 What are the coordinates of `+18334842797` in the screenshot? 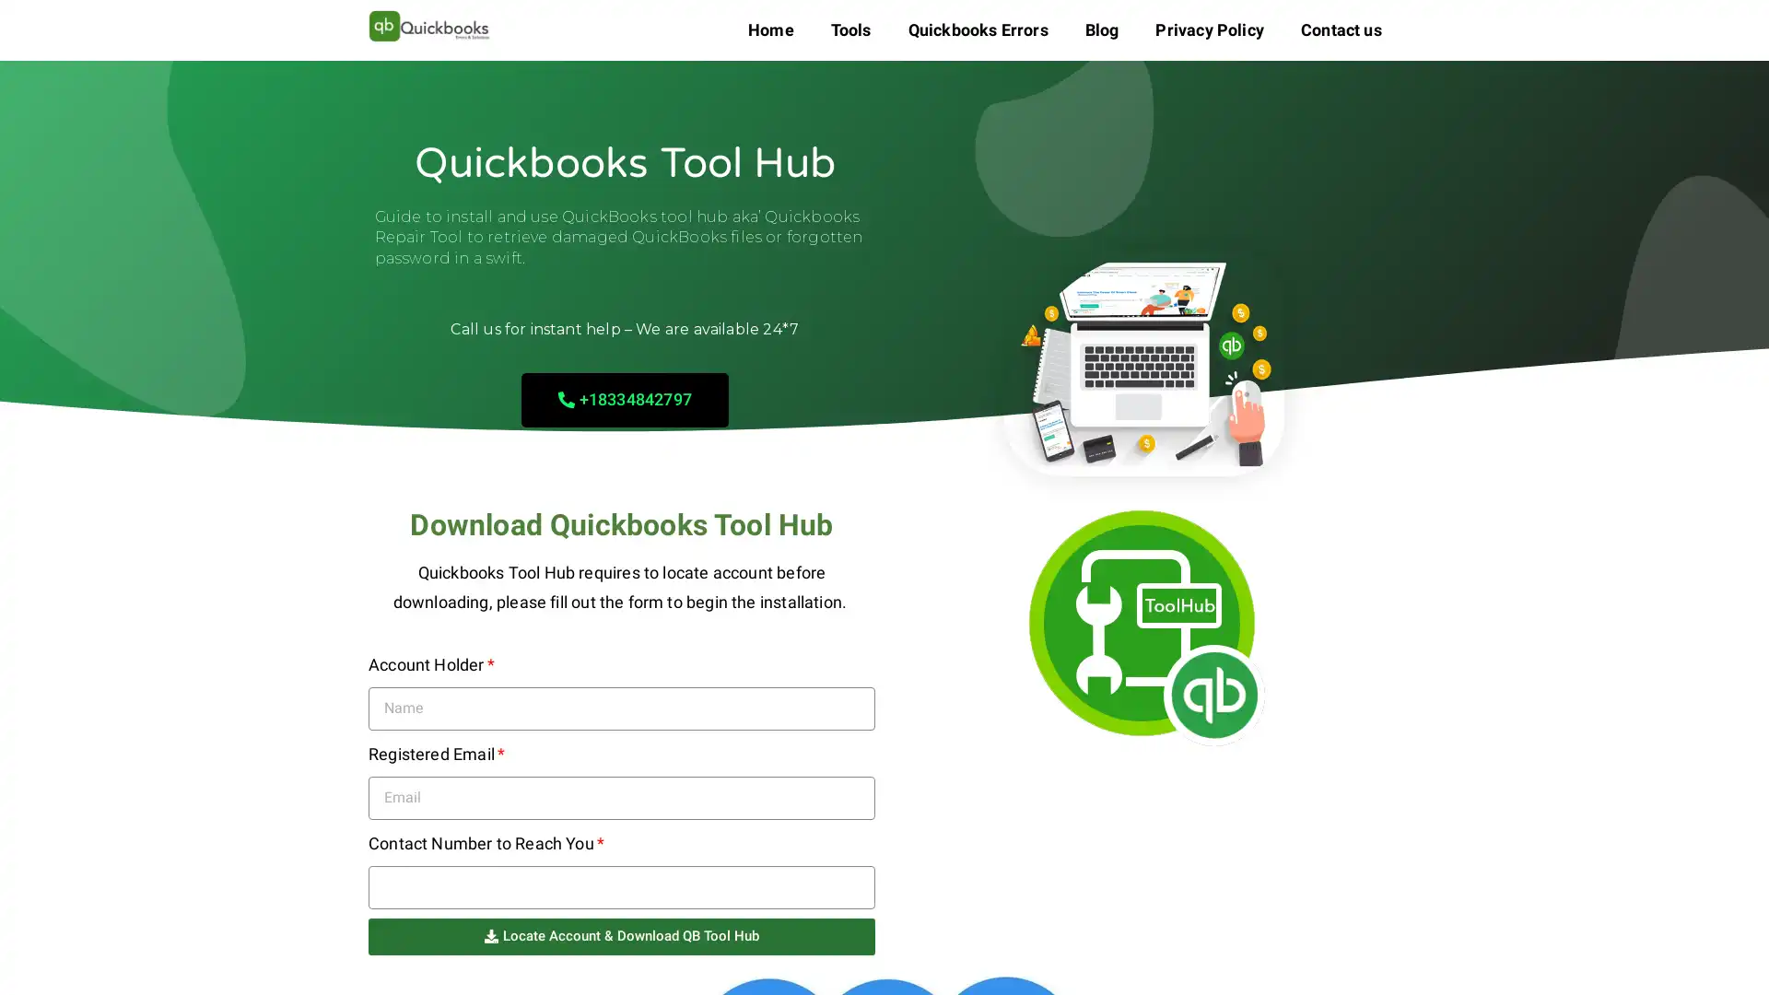 It's located at (624, 398).